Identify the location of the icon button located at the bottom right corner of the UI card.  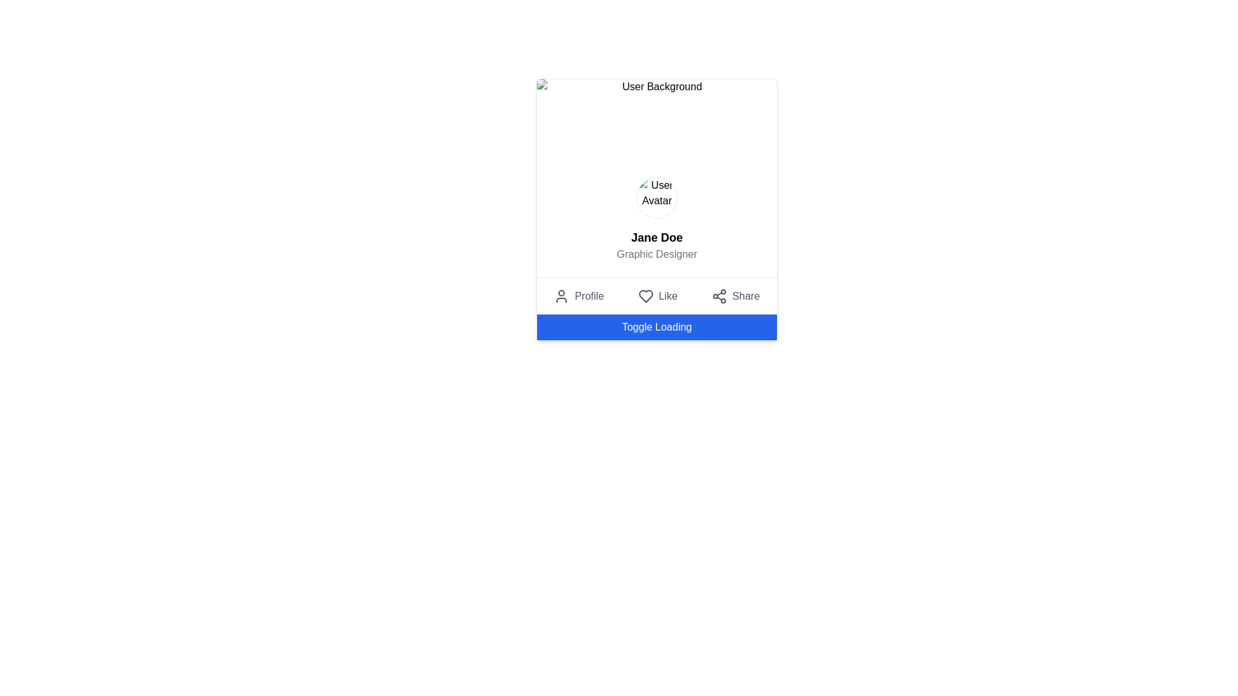
(718, 296).